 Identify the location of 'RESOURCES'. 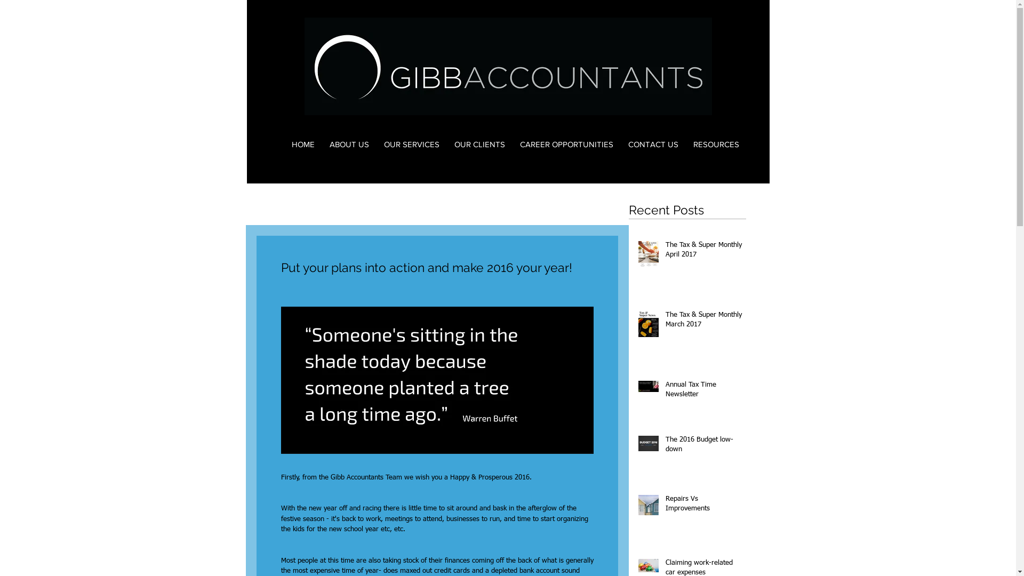
(716, 144).